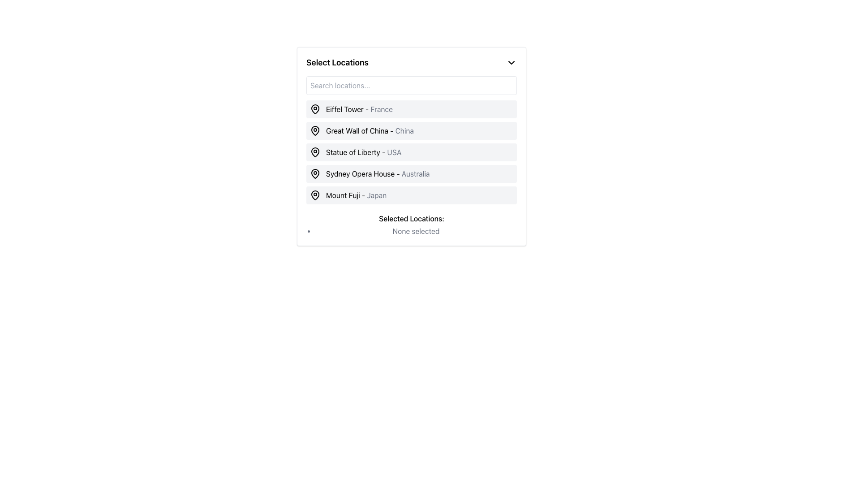 Image resolution: width=860 pixels, height=484 pixels. I want to click on the 'Selected Locations:' text label, which is prominently displayed in a bold font style and serves as an introductory label for the lower informational area, so click(411, 219).